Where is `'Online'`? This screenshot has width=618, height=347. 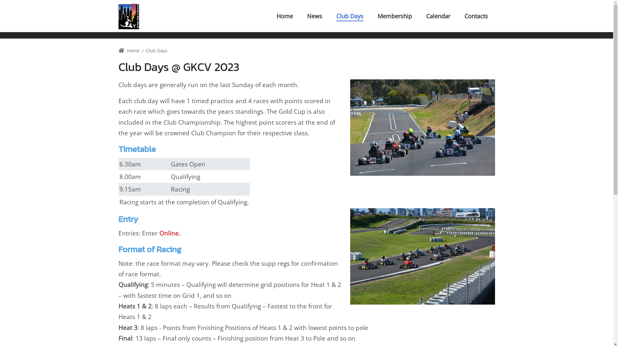
'Online' is located at coordinates (168, 233).